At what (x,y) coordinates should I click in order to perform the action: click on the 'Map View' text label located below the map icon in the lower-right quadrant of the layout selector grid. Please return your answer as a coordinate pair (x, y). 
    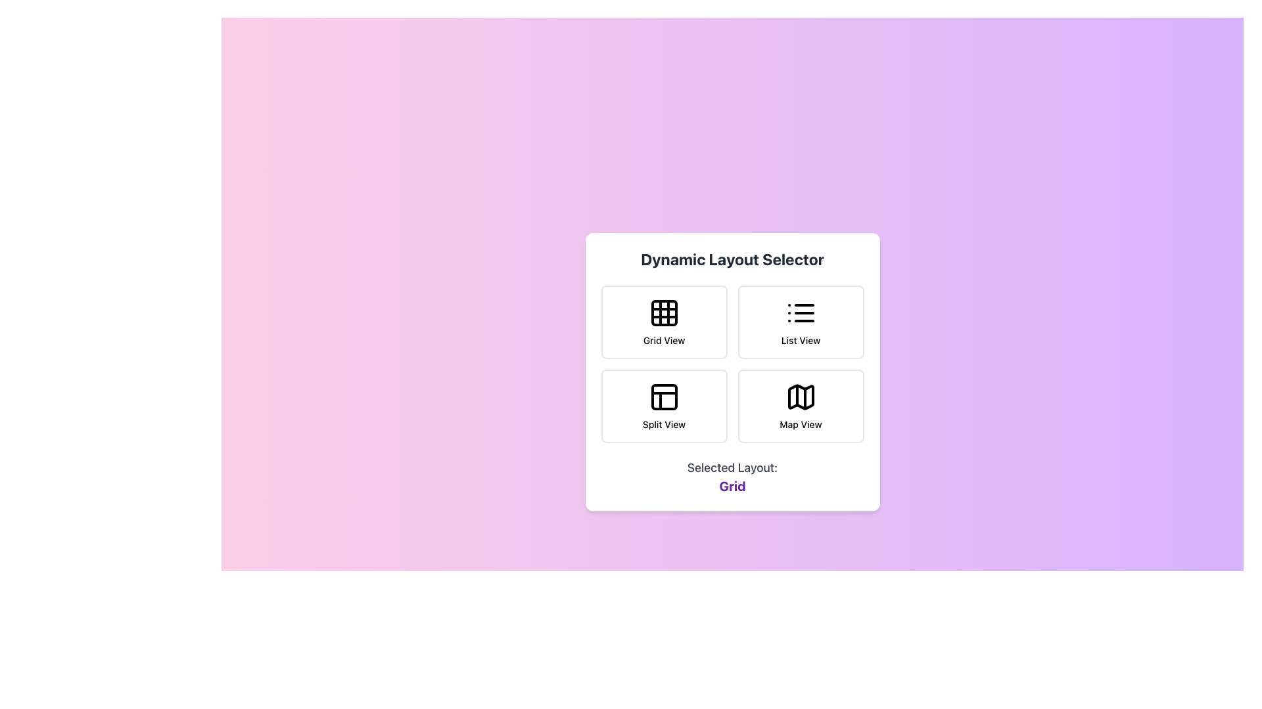
    Looking at the image, I should click on (800, 425).